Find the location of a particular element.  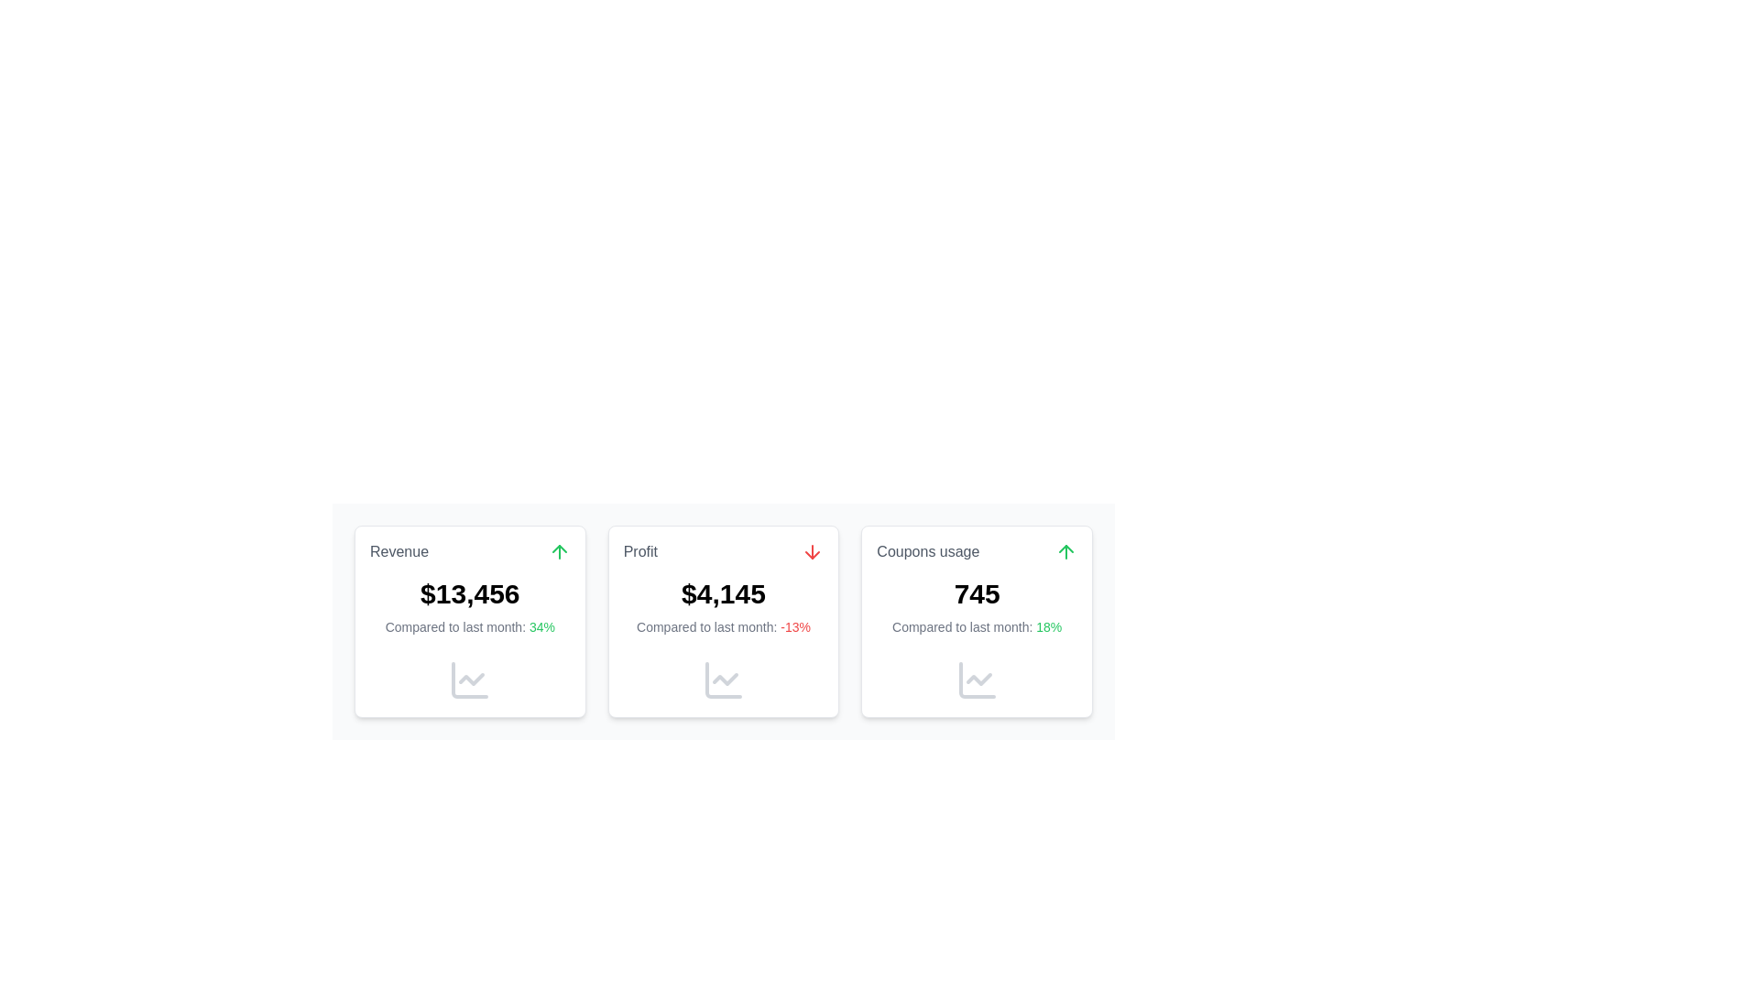

the green static text label displaying '18%' that is located beneath the primary metric '745' within the 'Coupons usage' card is located at coordinates (1049, 626).